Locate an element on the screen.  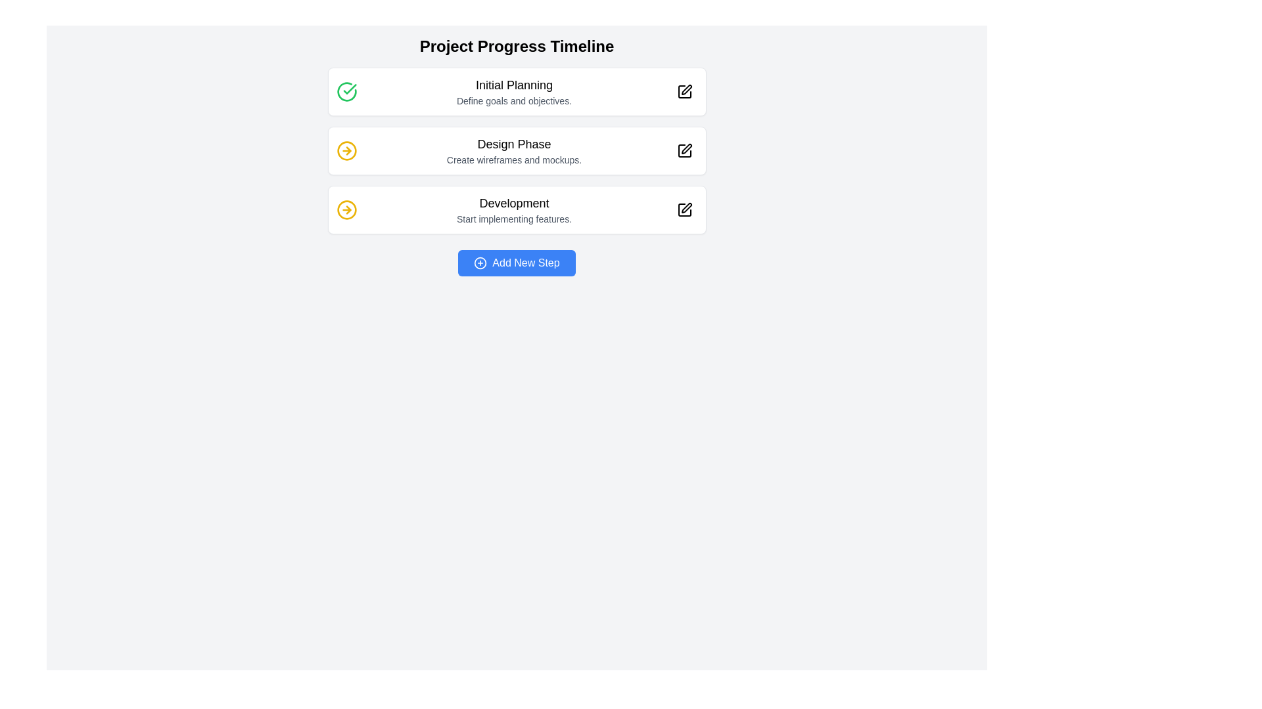
the progression indicator icon located to the left of the 'Development' text in the third row of vertically stacked items is located at coordinates (346, 209).